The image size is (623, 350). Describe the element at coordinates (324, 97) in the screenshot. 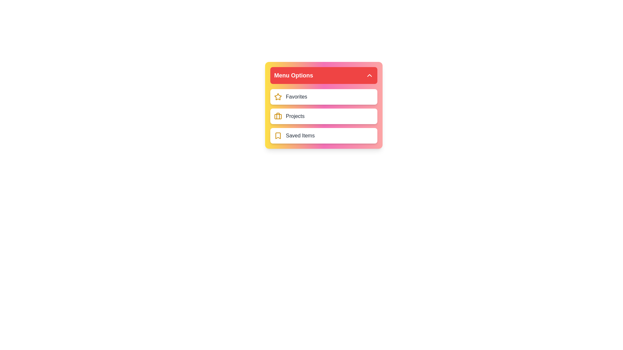

I see `the menu item labeled Favorites to observe its hover effect` at that location.